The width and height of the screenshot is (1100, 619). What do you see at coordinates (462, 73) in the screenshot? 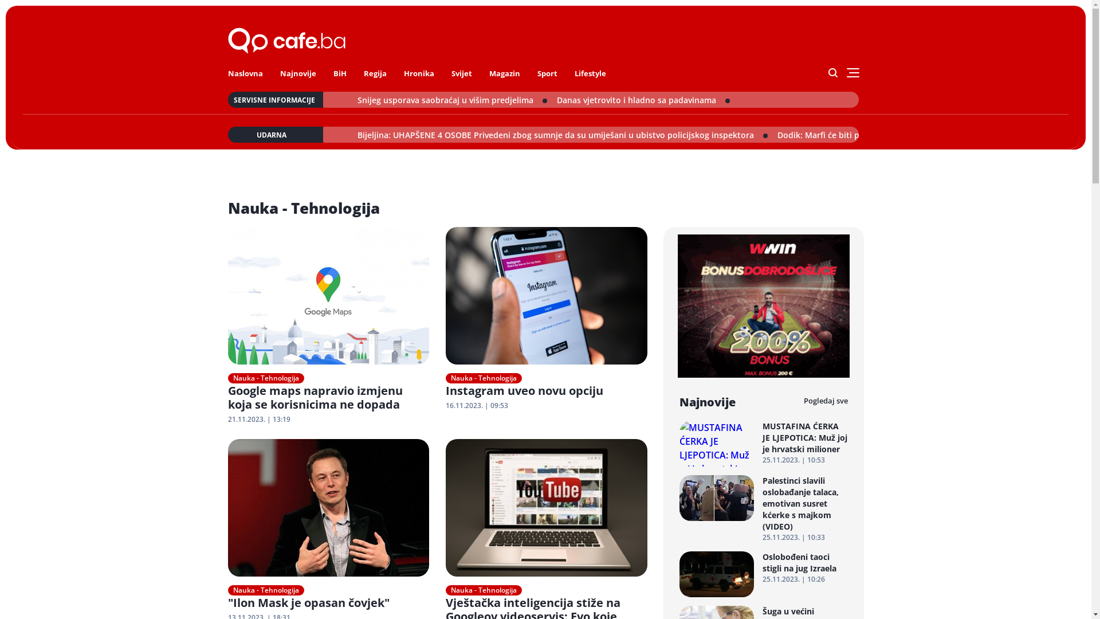
I see `'Svijet'` at bounding box center [462, 73].